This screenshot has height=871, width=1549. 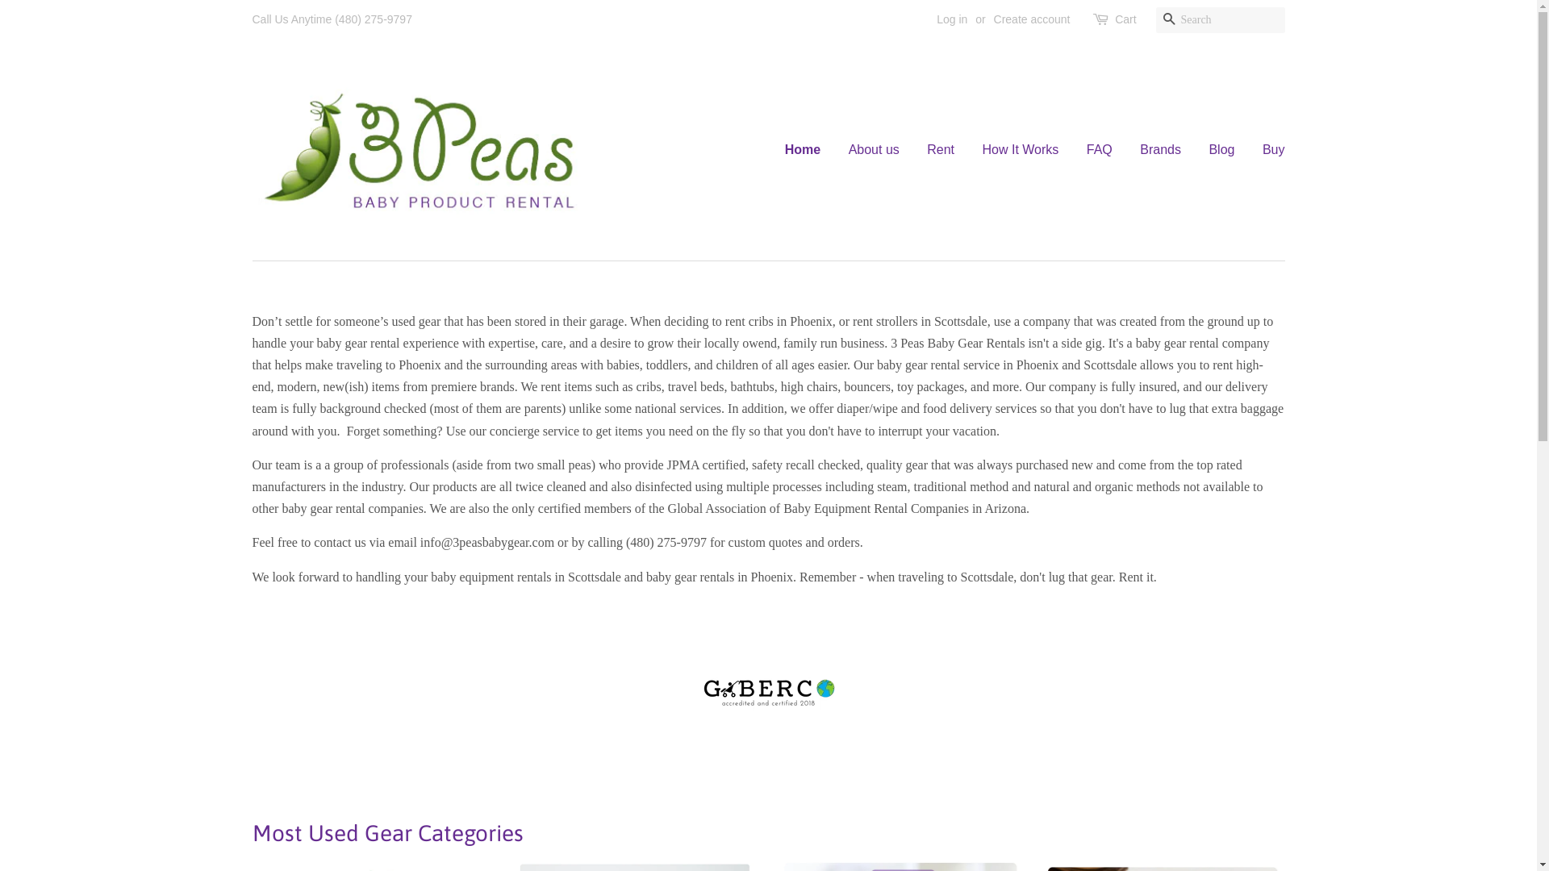 I want to click on 'Home', so click(x=785, y=149).